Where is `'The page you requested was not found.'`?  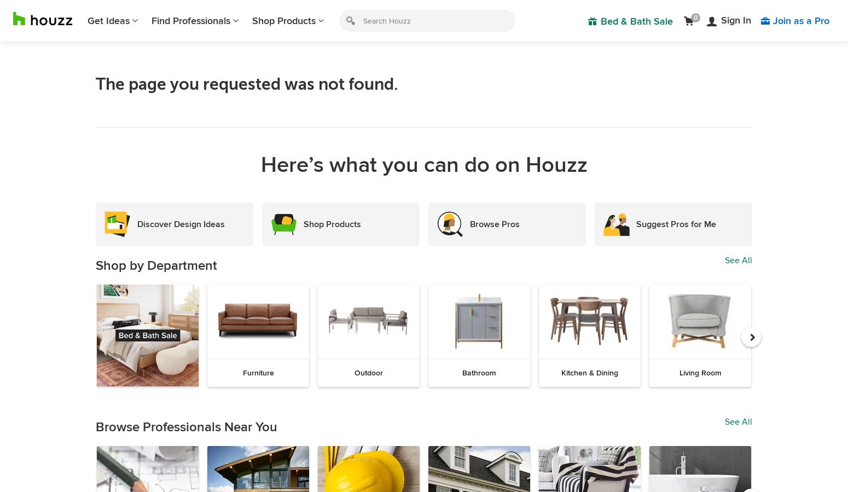
'The page you requested was not found.' is located at coordinates (247, 84).